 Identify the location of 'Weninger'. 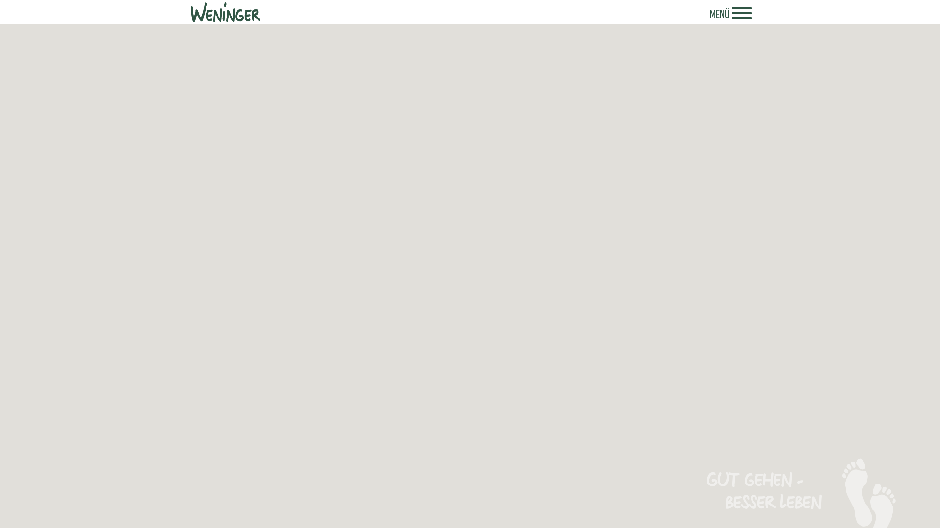
(225, 10).